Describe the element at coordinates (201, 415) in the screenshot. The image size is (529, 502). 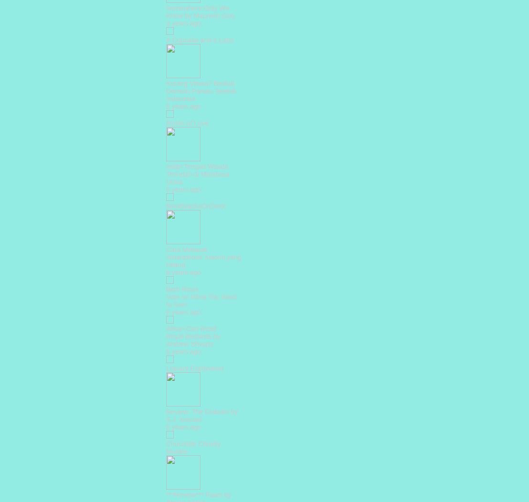
I see `'Review: The Diabolic by S.J. Kincaid'` at that location.